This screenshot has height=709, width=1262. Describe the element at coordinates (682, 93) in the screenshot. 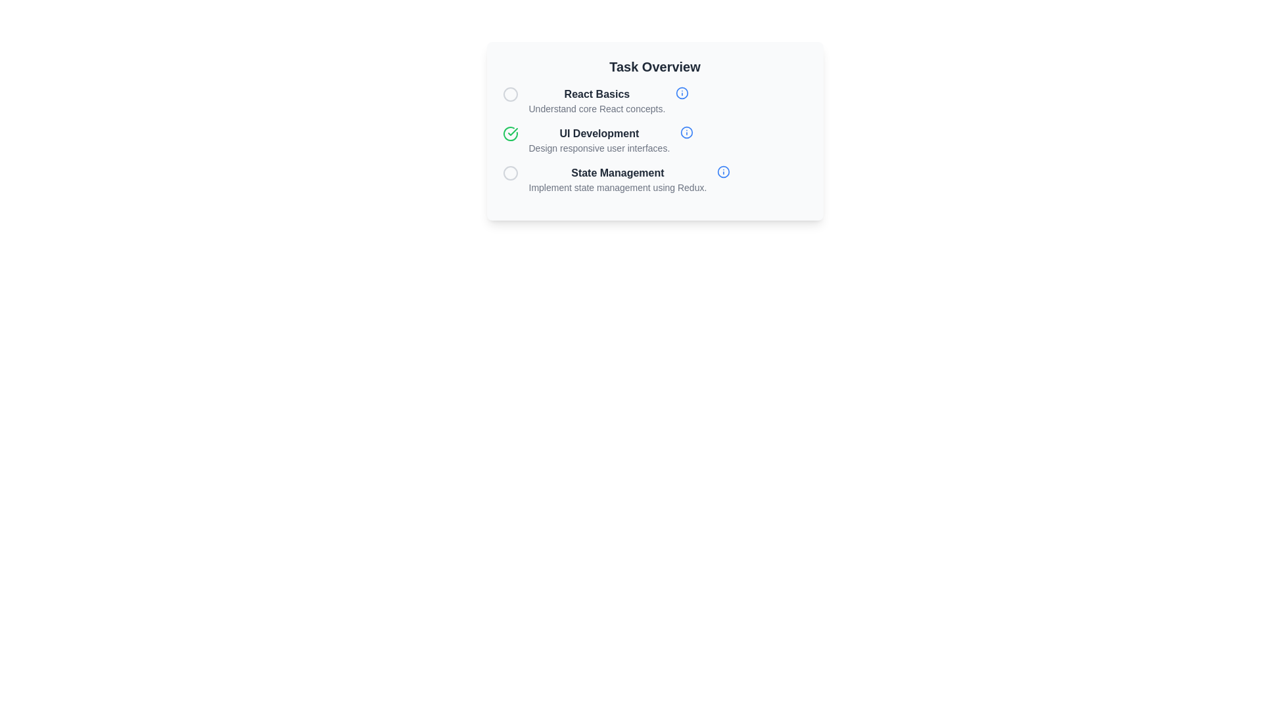

I see `the Circle SVG Component to identify the associated content in the UI Development section of the Task Overview panel` at that location.